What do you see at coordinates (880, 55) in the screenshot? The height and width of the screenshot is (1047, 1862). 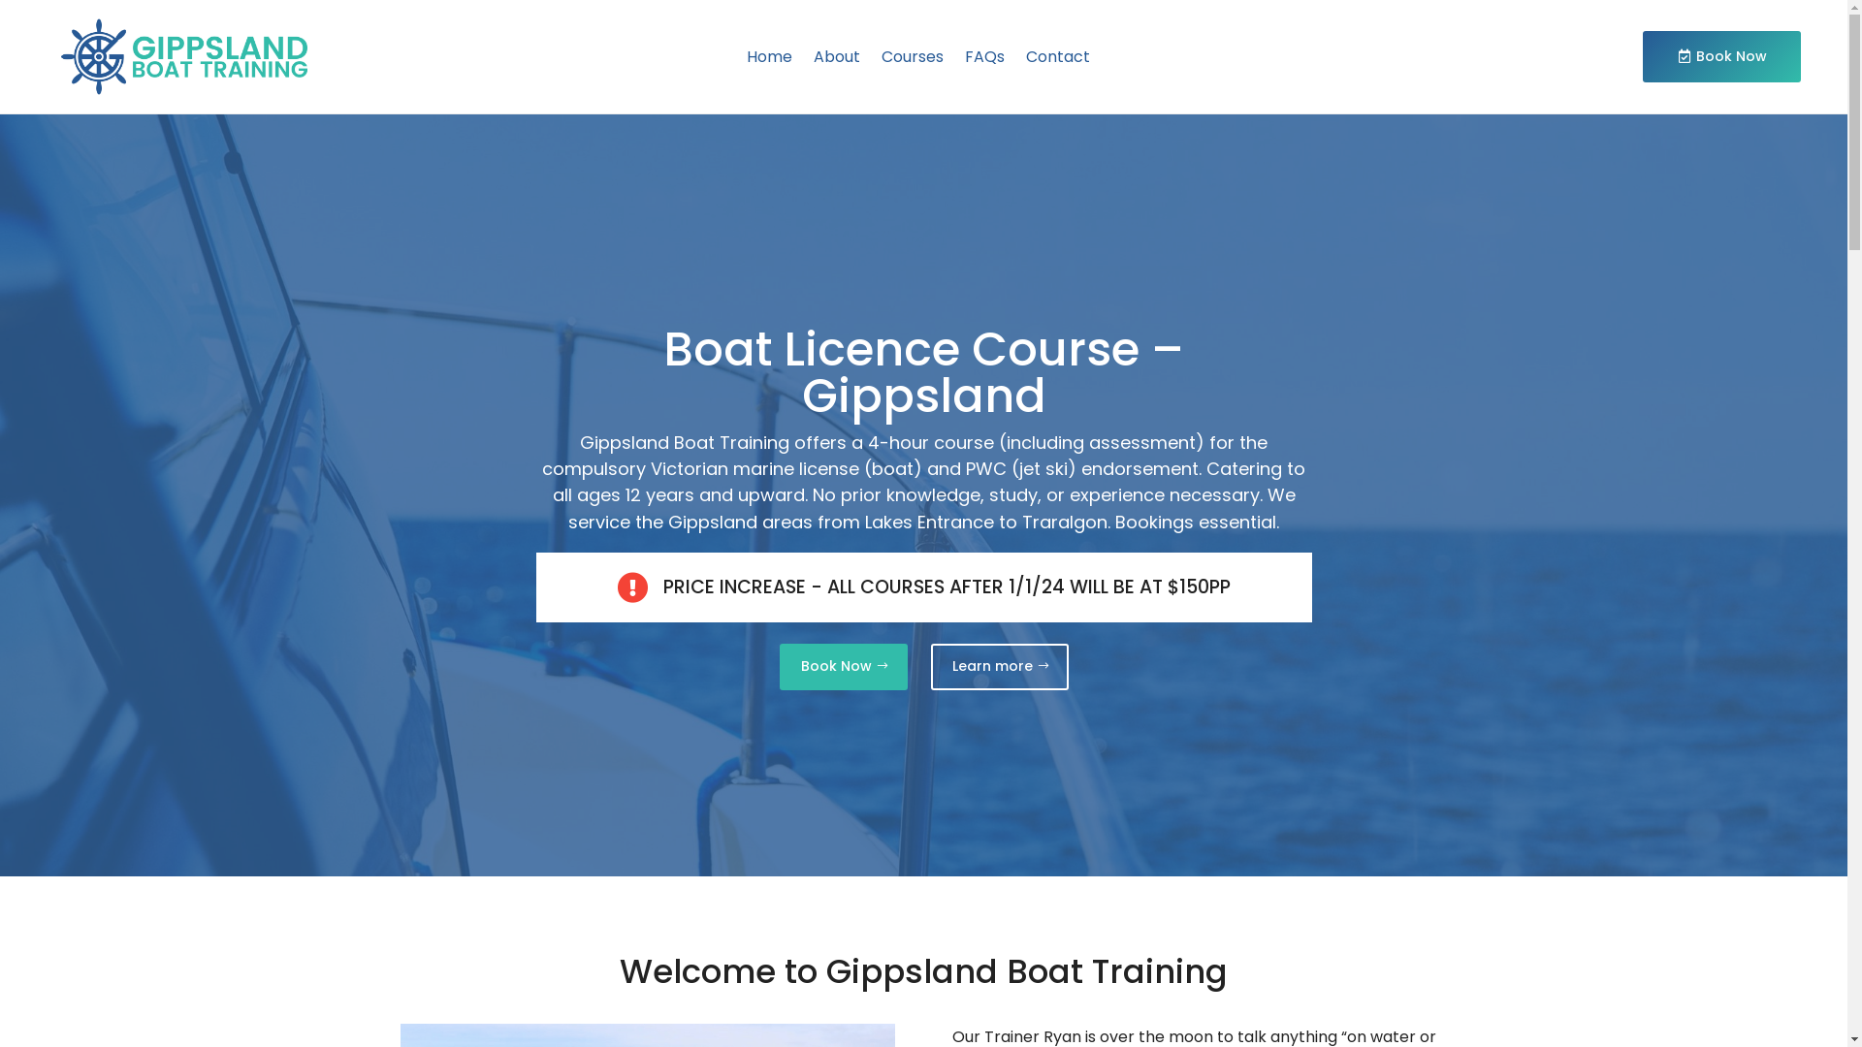 I see `'Courses'` at bounding box center [880, 55].